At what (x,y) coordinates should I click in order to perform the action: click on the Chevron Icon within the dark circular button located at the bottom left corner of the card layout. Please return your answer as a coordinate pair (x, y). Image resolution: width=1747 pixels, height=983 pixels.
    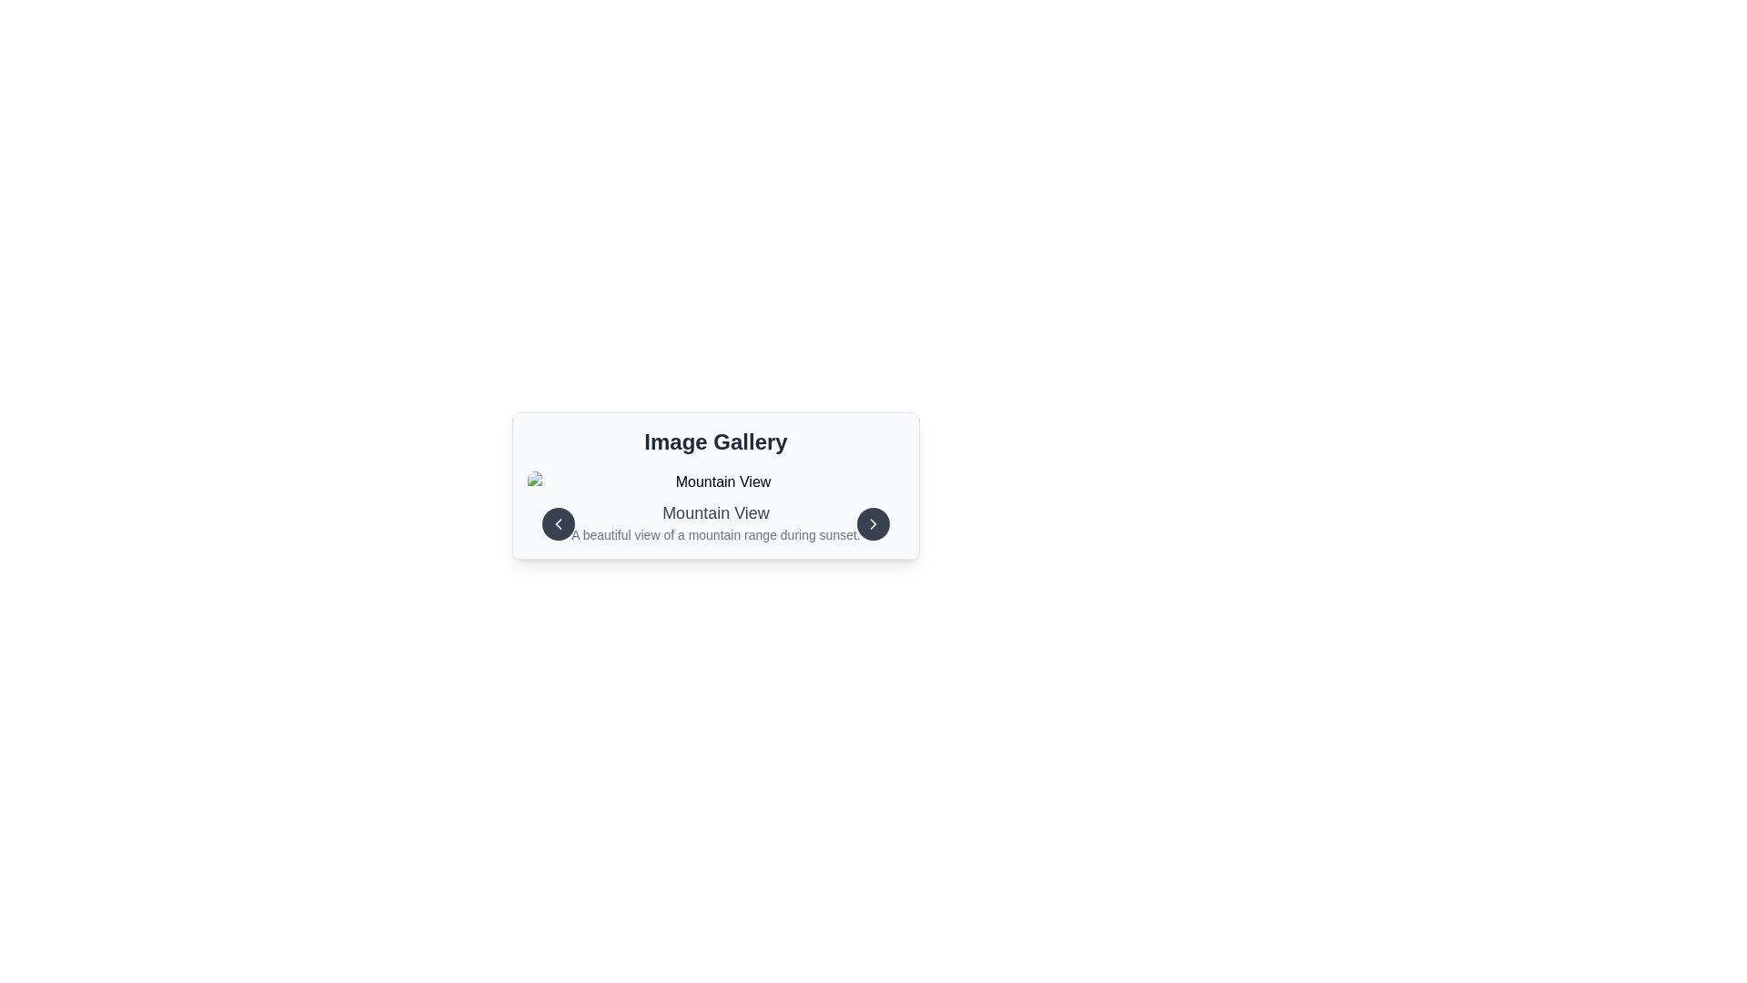
    Looking at the image, I should click on (558, 523).